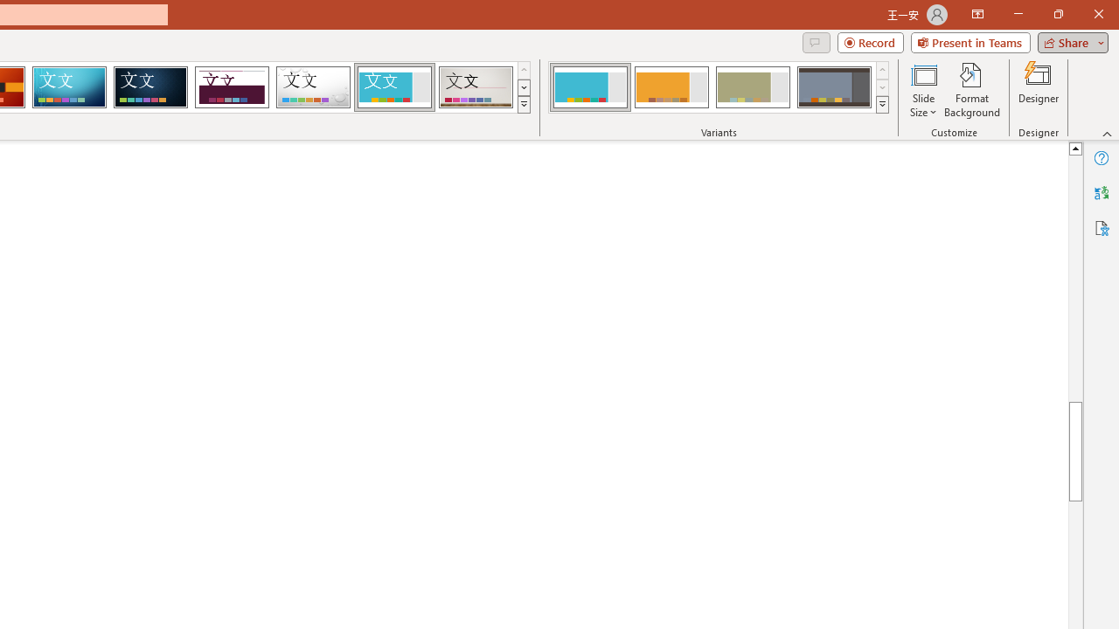 The image size is (1119, 629). What do you see at coordinates (313, 87) in the screenshot?
I see `'Droplet'` at bounding box center [313, 87].